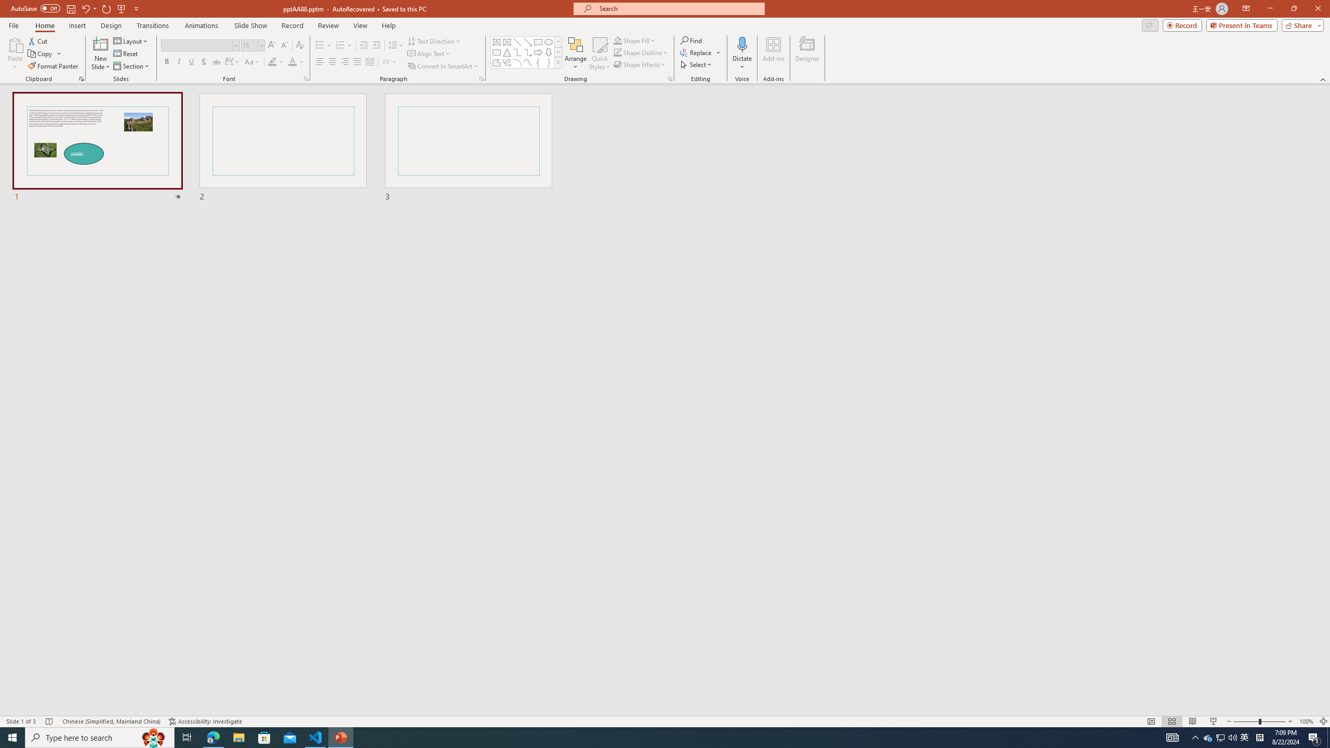 This screenshot has height=748, width=1330. What do you see at coordinates (741, 62) in the screenshot?
I see `'More Options'` at bounding box center [741, 62].